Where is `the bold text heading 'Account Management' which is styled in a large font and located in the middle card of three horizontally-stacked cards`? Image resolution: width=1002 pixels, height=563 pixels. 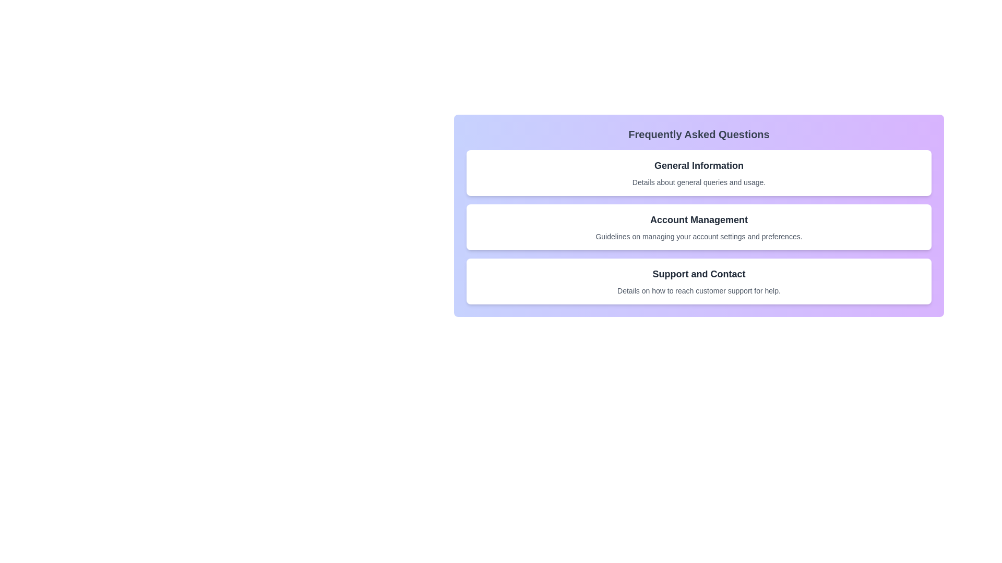 the bold text heading 'Account Management' which is styled in a large font and located in the middle card of three horizontally-stacked cards is located at coordinates (699, 219).